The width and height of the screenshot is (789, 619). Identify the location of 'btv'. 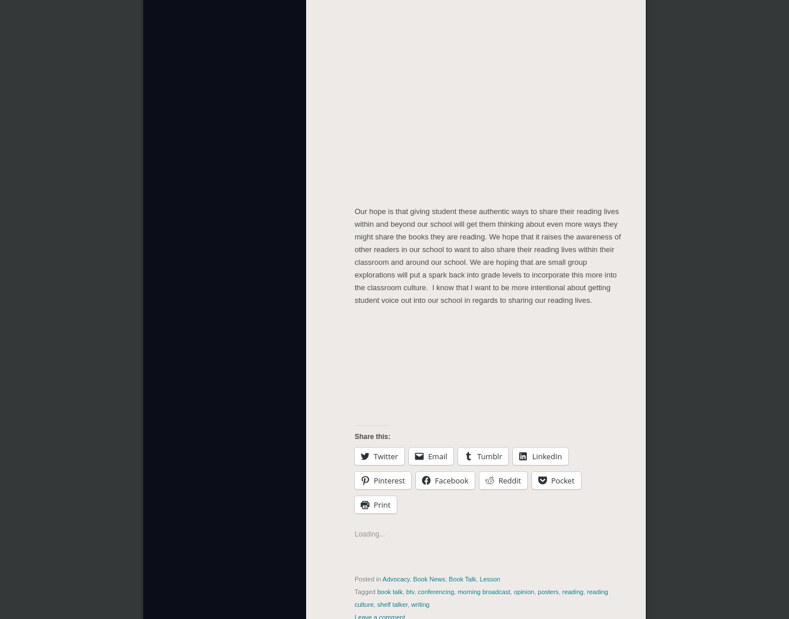
(410, 591).